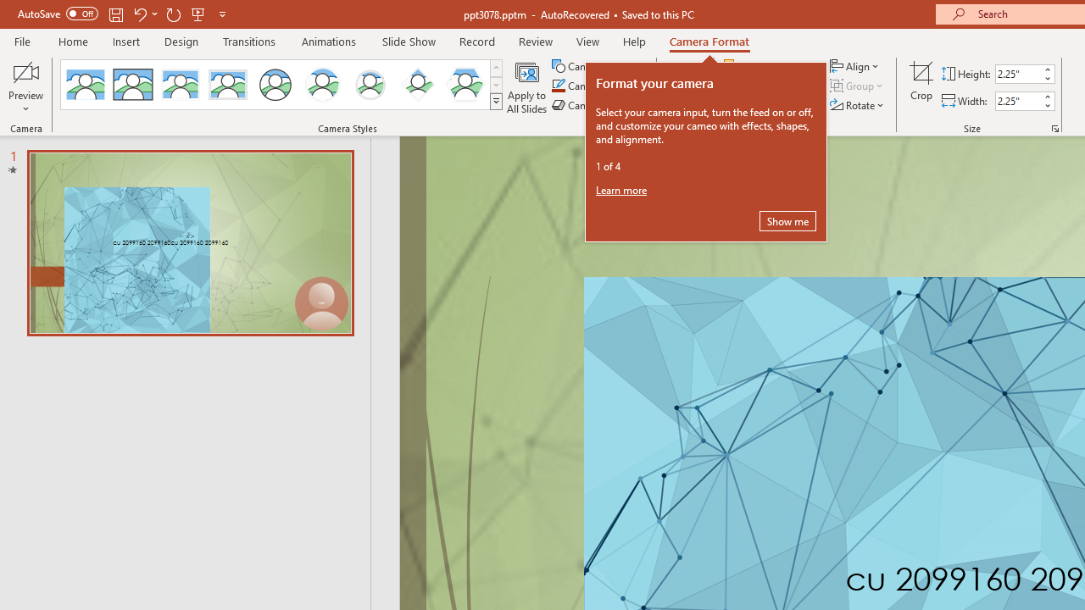  I want to click on 'Camera Format', so click(709, 41).